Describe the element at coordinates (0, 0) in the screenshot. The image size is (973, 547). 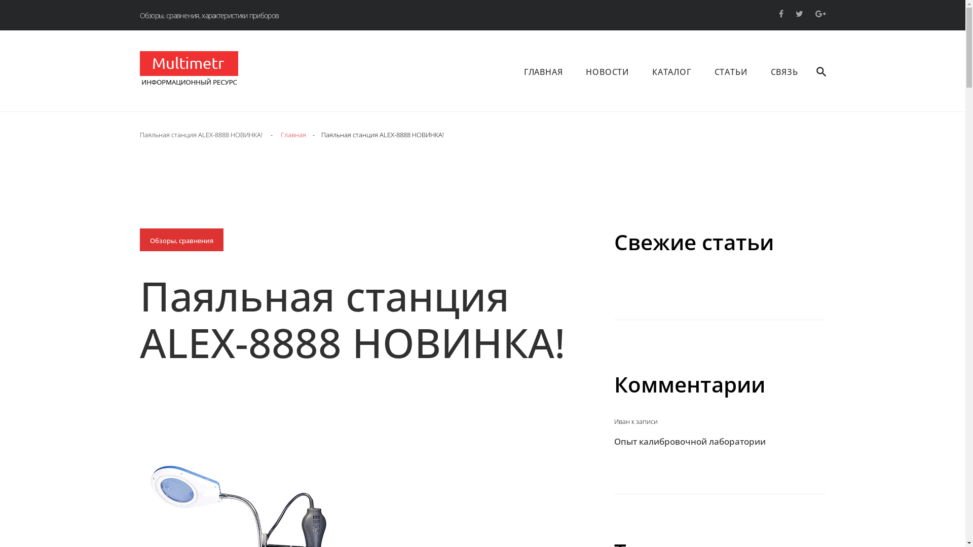
I see `'Skip to content'` at that location.